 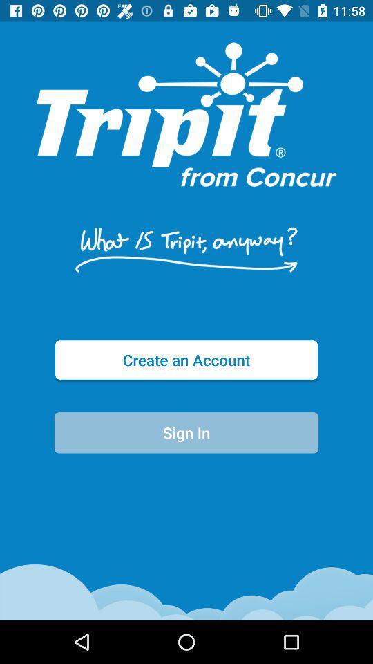 I want to click on the icon above the create an account, so click(x=186, y=249).